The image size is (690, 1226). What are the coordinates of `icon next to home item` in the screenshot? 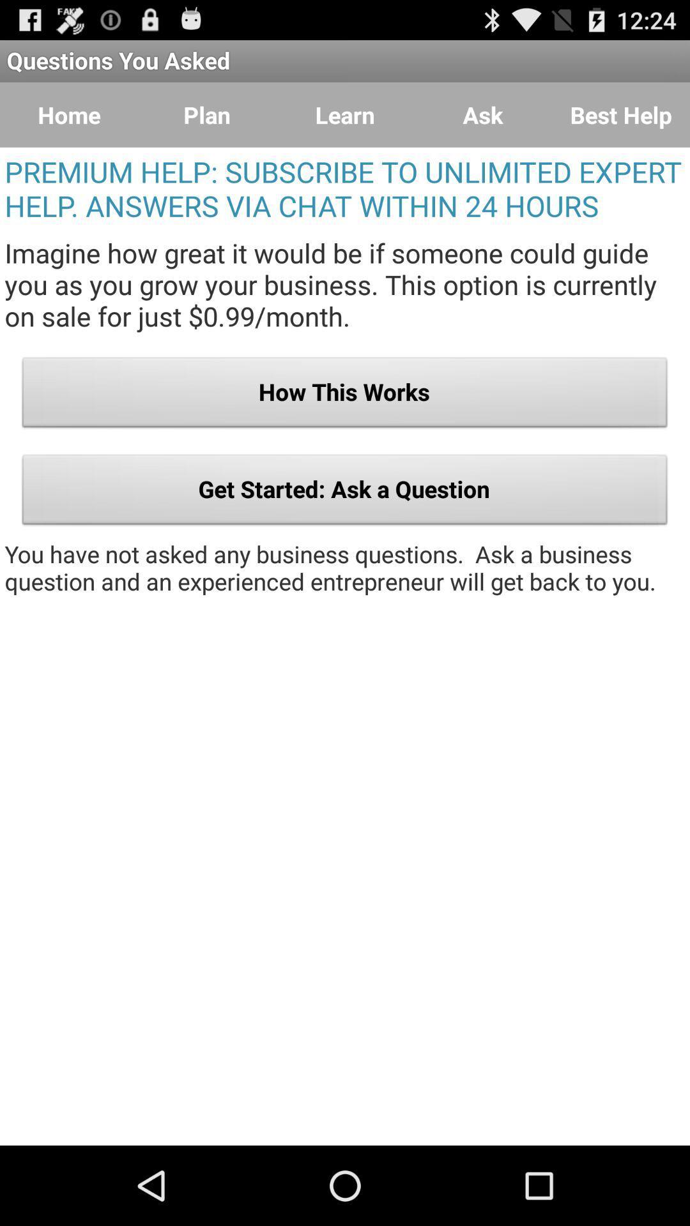 It's located at (206, 115).